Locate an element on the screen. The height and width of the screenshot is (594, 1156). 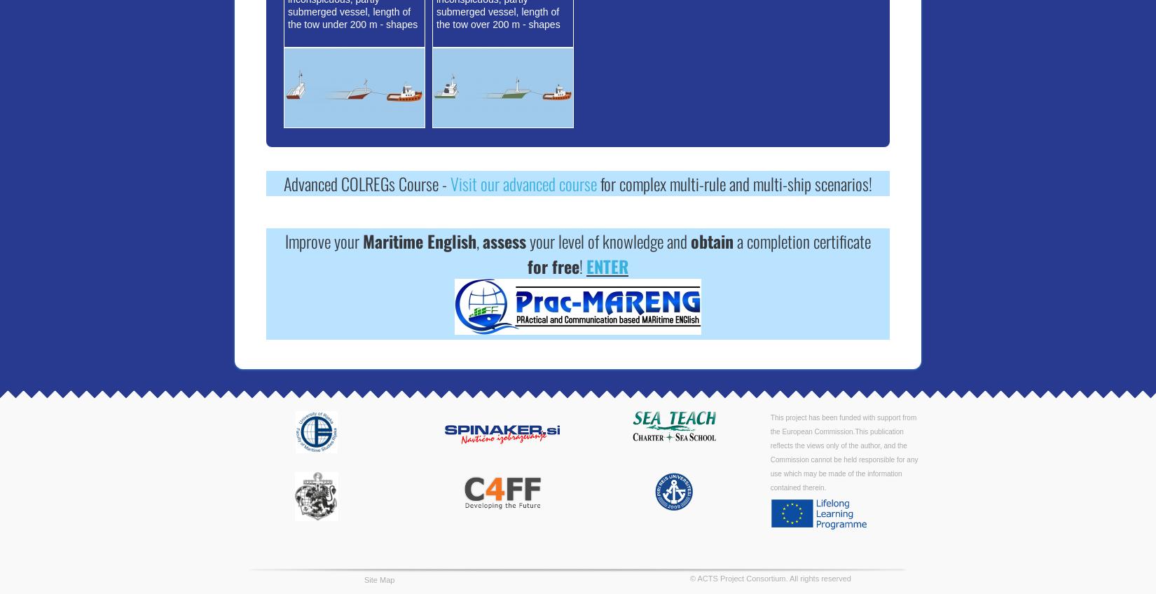
',' is located at coordinates (479, 240).